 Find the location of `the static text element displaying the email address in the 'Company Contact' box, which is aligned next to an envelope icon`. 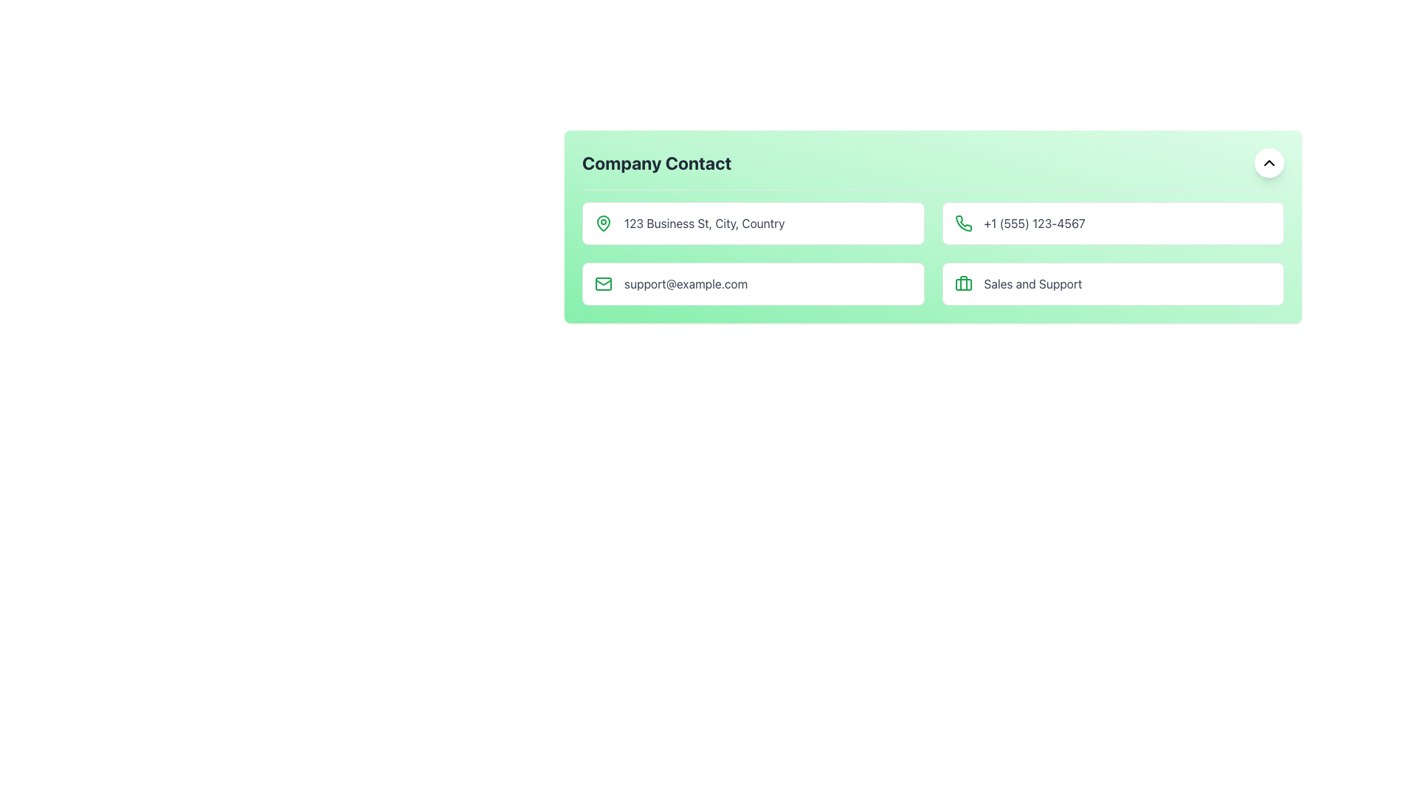

the static text element displaying the email address in the 'Company Contact' box, which is aligned next to an envelope icon is located at coordinates (685, 284).